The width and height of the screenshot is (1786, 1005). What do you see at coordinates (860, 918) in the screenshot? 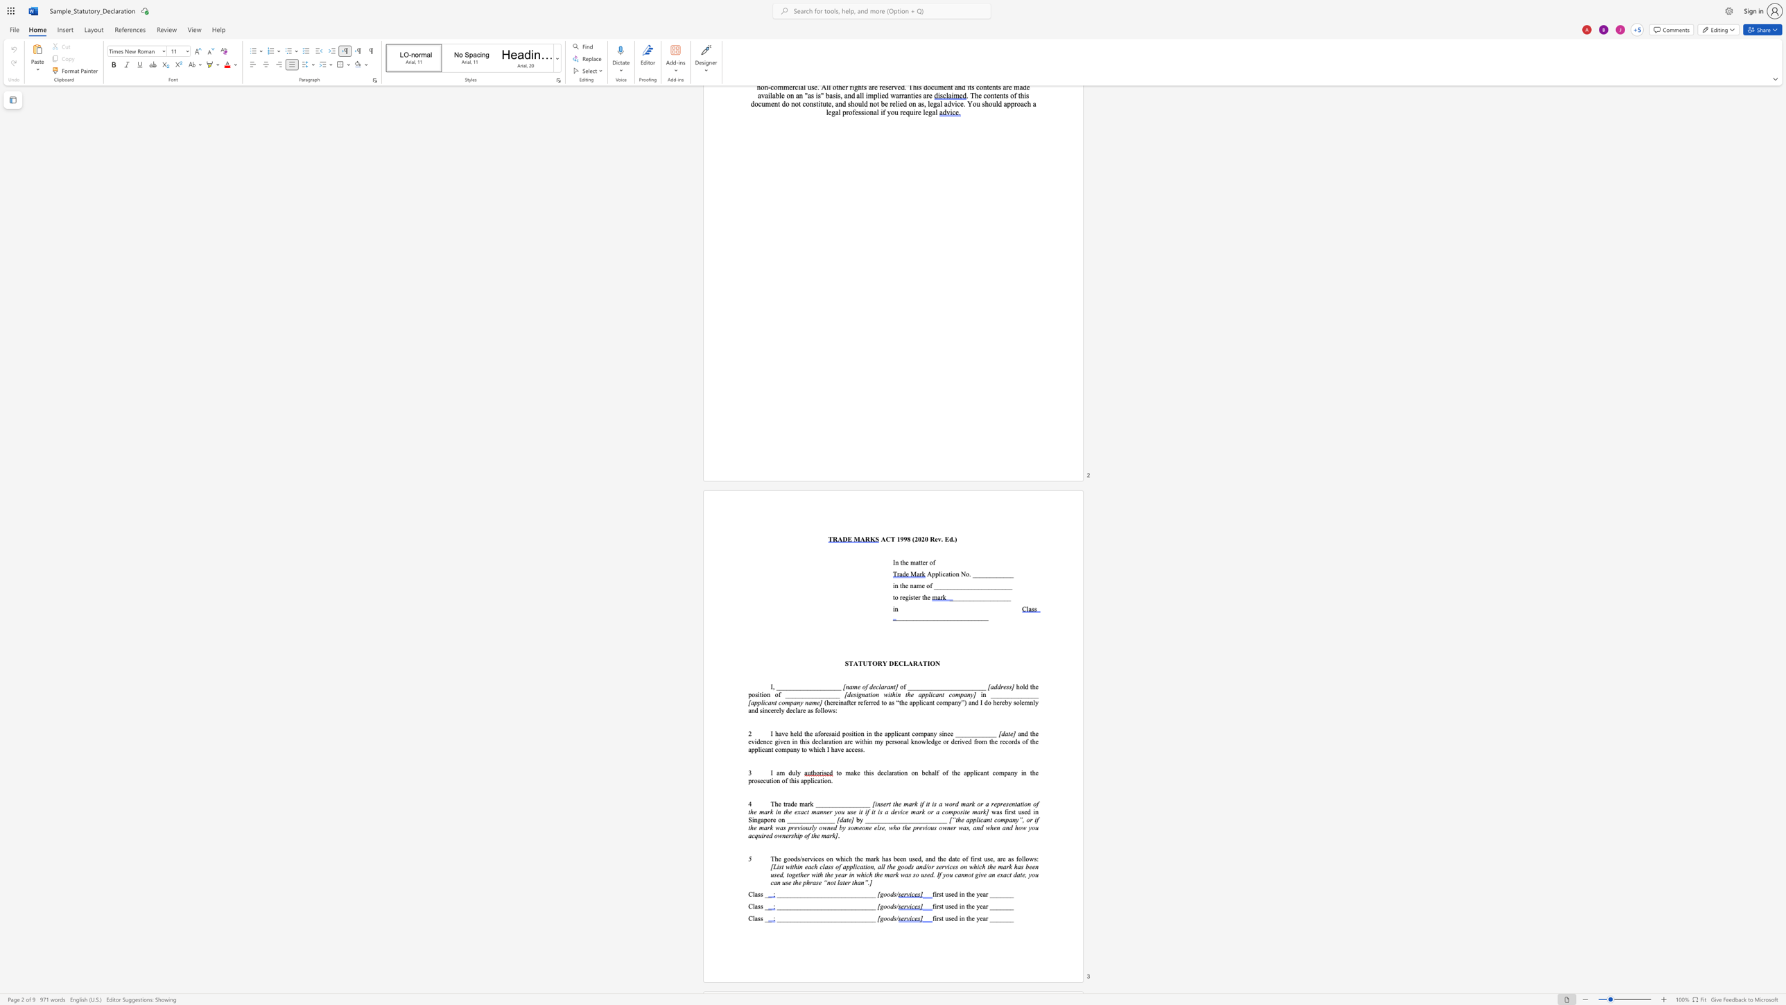
I see `the 25th character "_" in the text` at bounding box center [860, 918].